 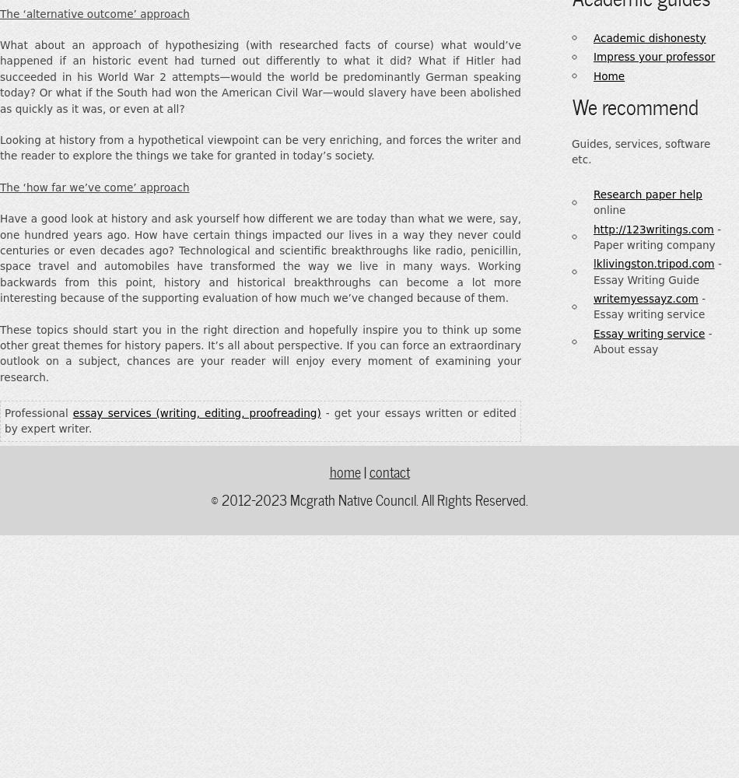 What do you see at coordinates (259, 352) in the screenshot?
I see `'These topics should start you in the right direction and hopefully inspire you to think up some other great themes for history papers. It’s all about perspective. If you can force an extraordinary outlook on a subject, chances are your reader will enjoy every moment of examining your research.'` at bounding box center [259, 352].